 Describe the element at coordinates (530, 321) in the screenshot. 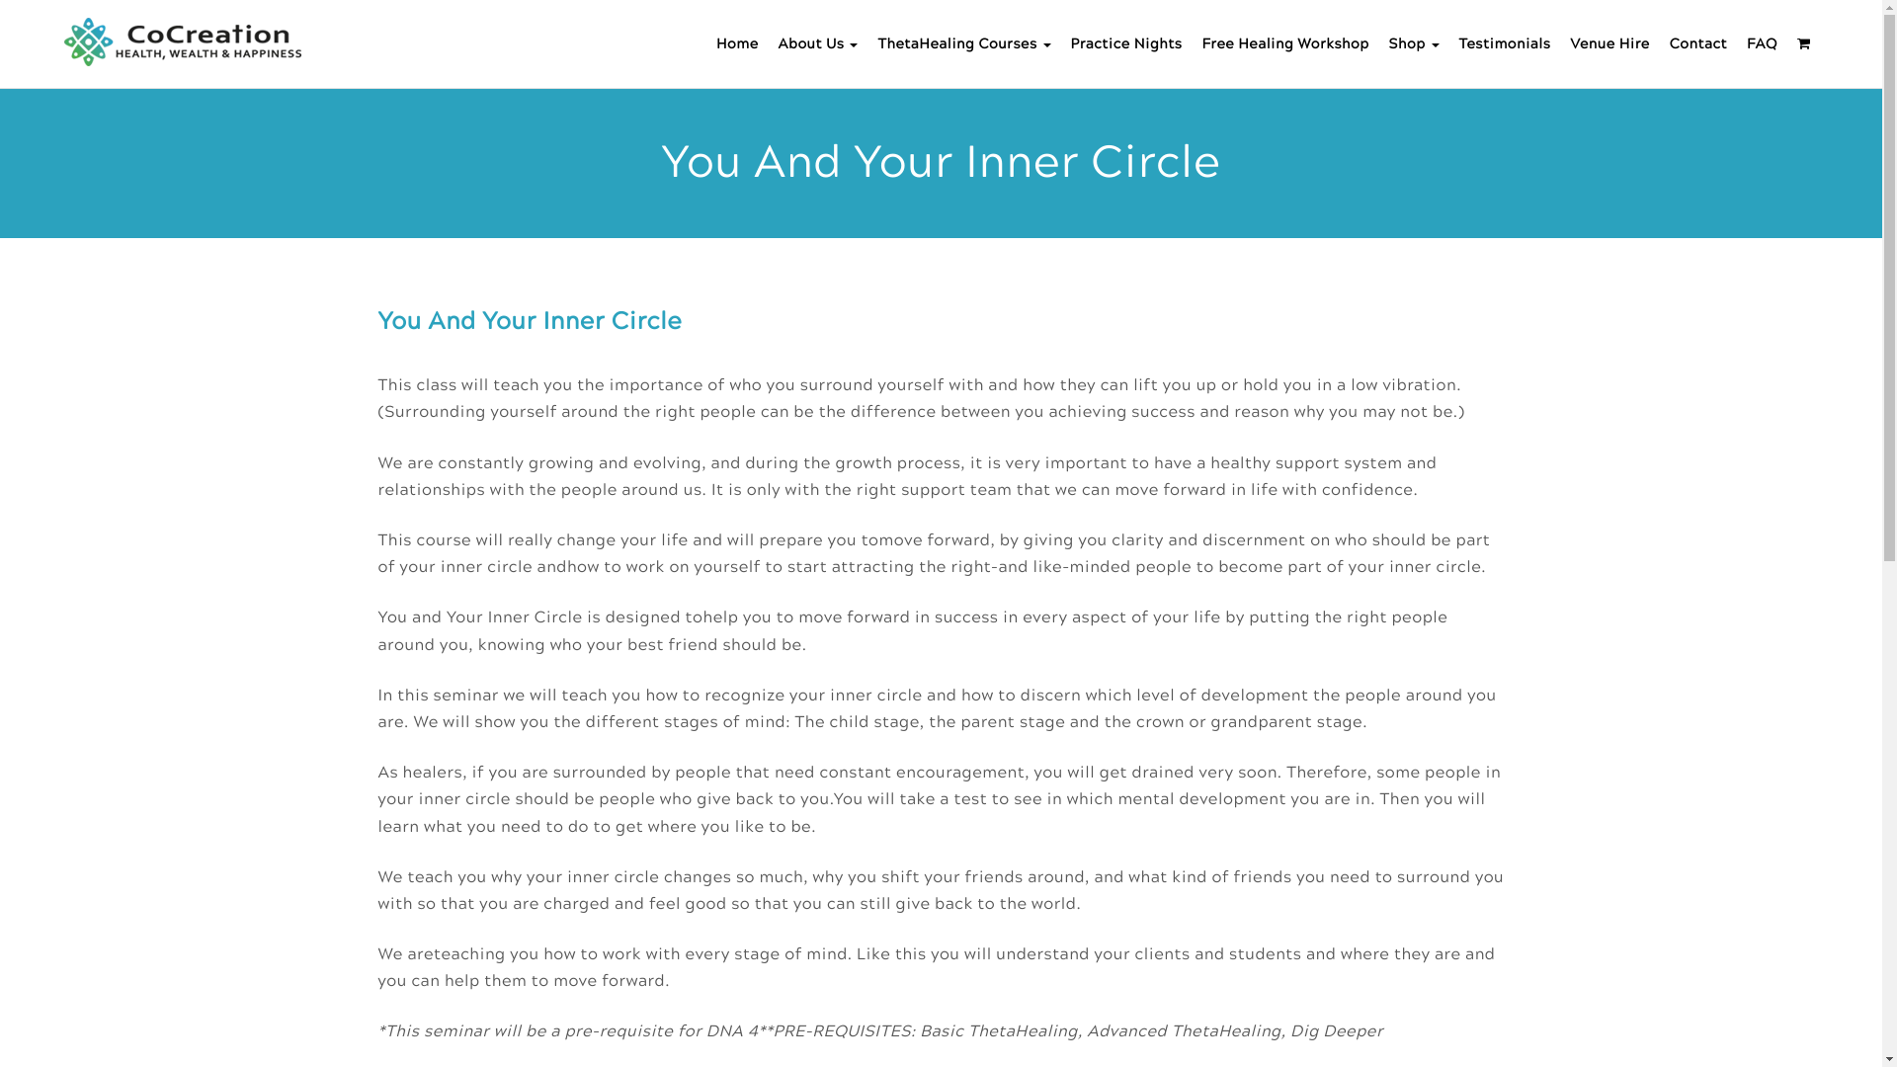

I see `'You And Your Inner Circle'` at that location.